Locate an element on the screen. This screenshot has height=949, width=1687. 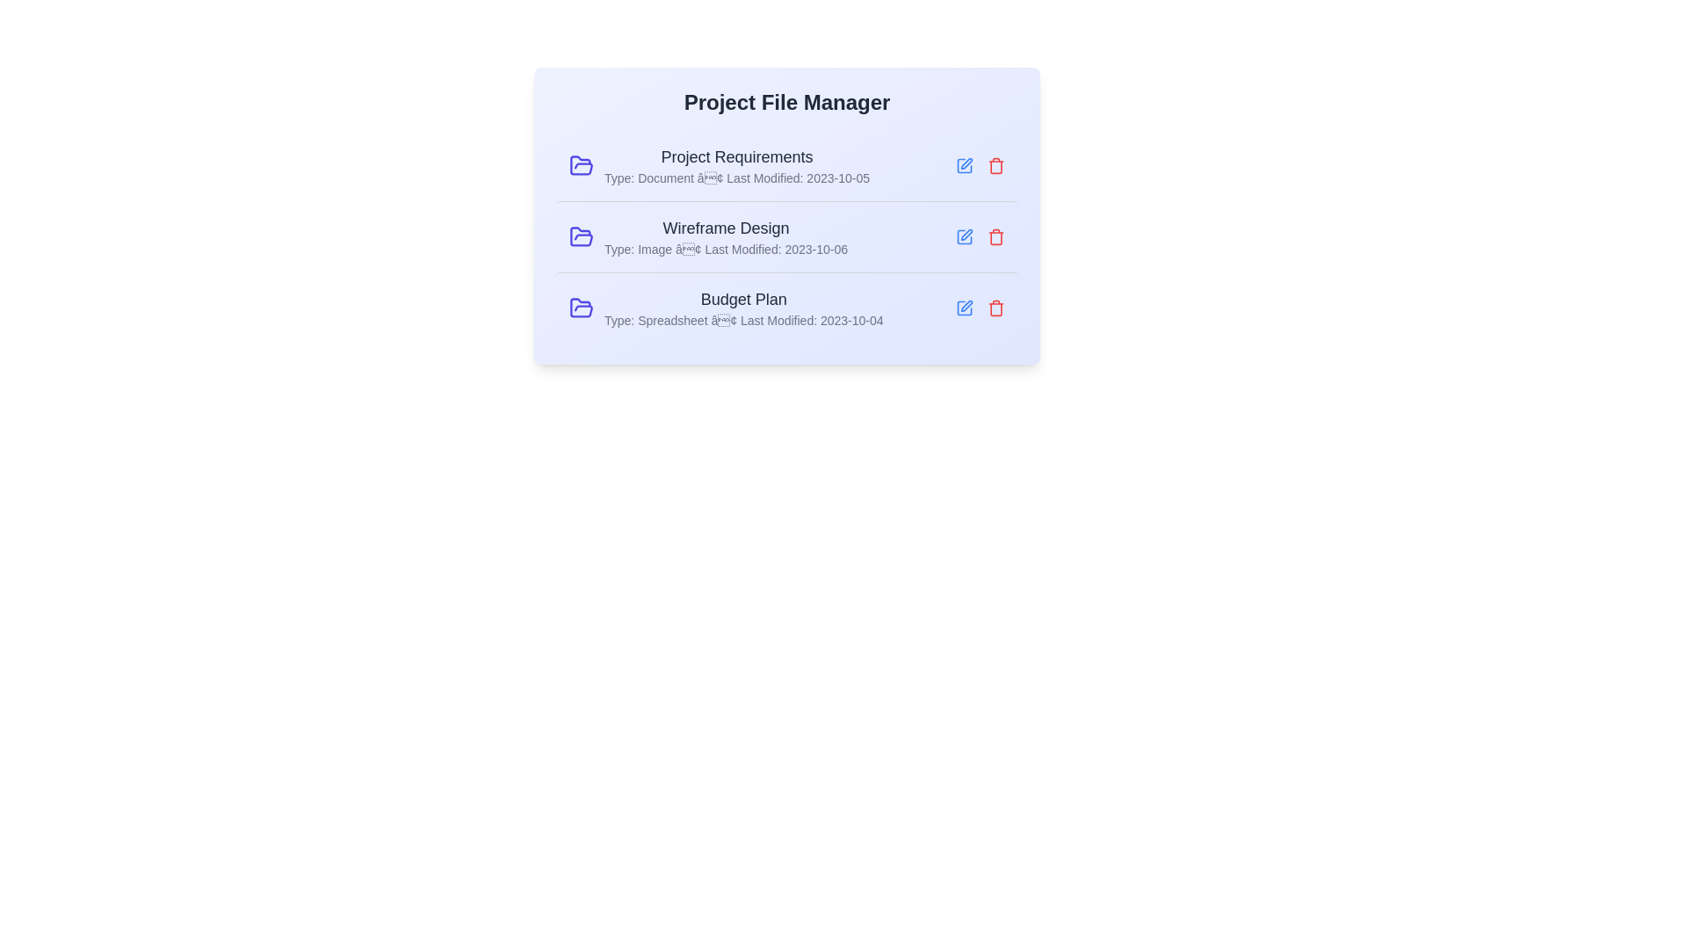
the file Budget Plan by clicking its Trash button is located at coordinates (996, 308).